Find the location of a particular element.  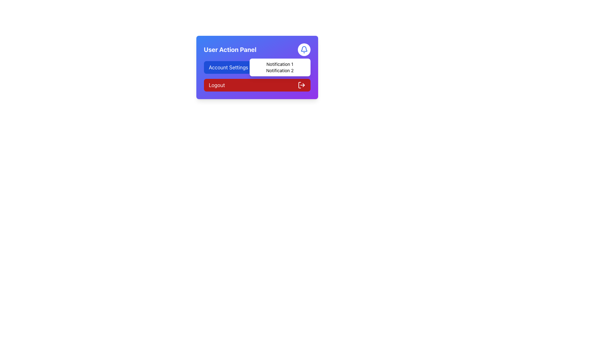

the 'Account Settings' Text button located at the top of the 'User Action Panel' to possibly highlight or reveal additional information is located at coordinates (228, 67).